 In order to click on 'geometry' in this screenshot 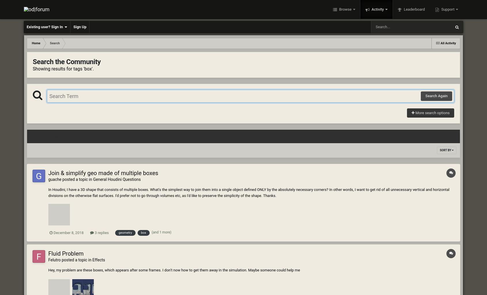, I will do `click(125, 232)`.